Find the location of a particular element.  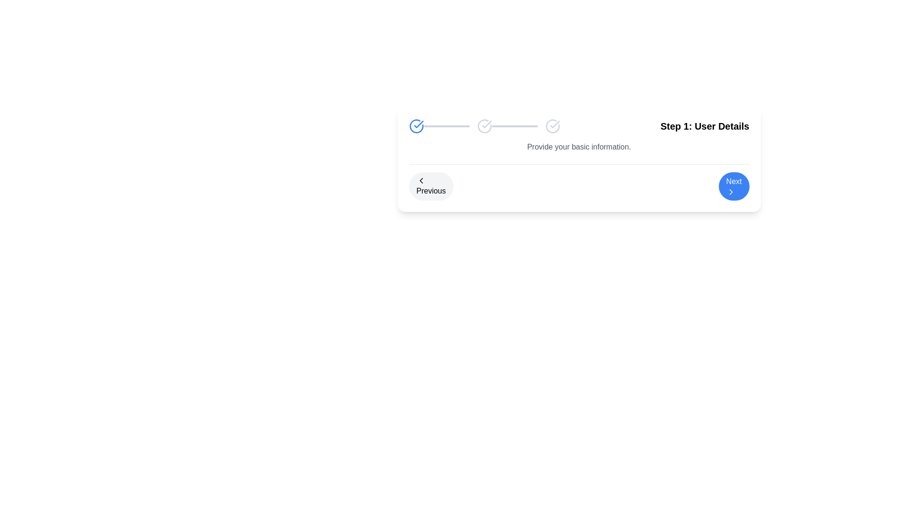

the 'Previous' icon located in the center-left part of the button labeled 'Previous', which is used is located at coordinates (420, 180).